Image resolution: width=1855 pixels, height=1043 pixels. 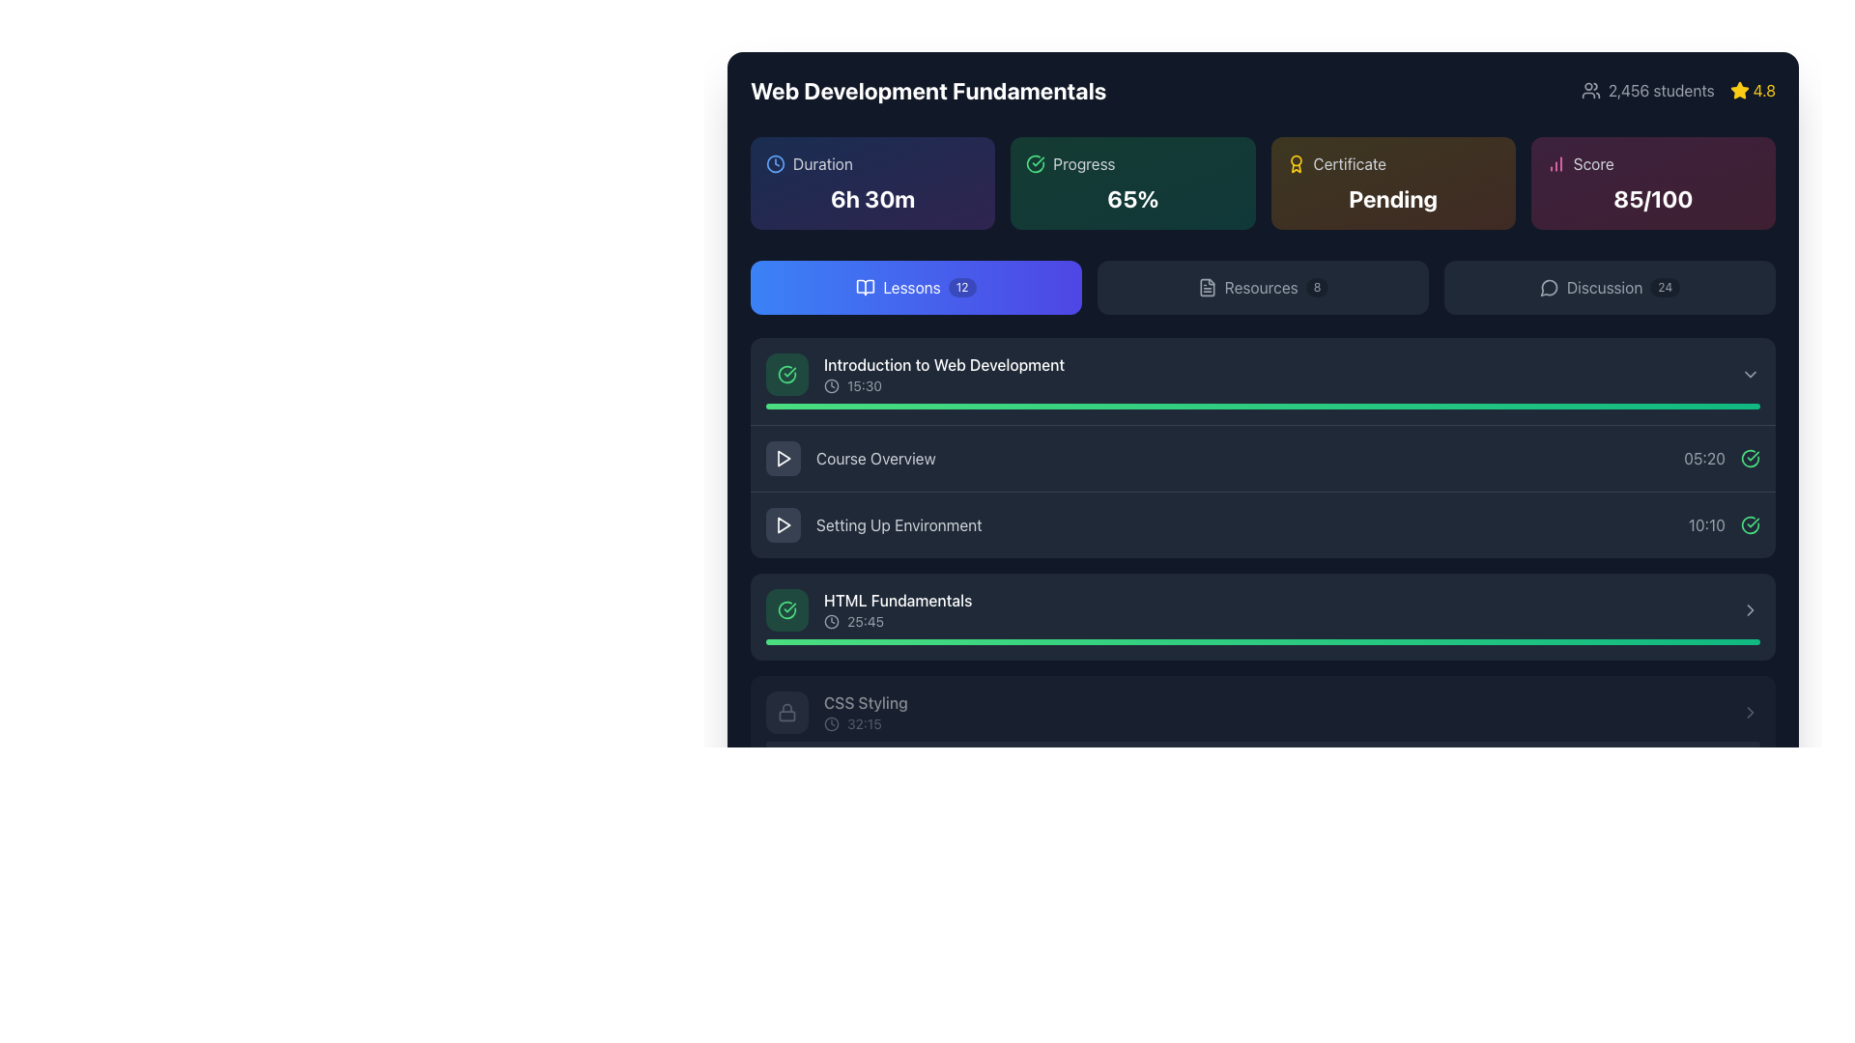 What do you see at coordinates (775, 162) in the screenshot?
I see `the circular clock icon with a blue outline located in the header section next to the 'Duration' label` at bounding box center [775, 162].